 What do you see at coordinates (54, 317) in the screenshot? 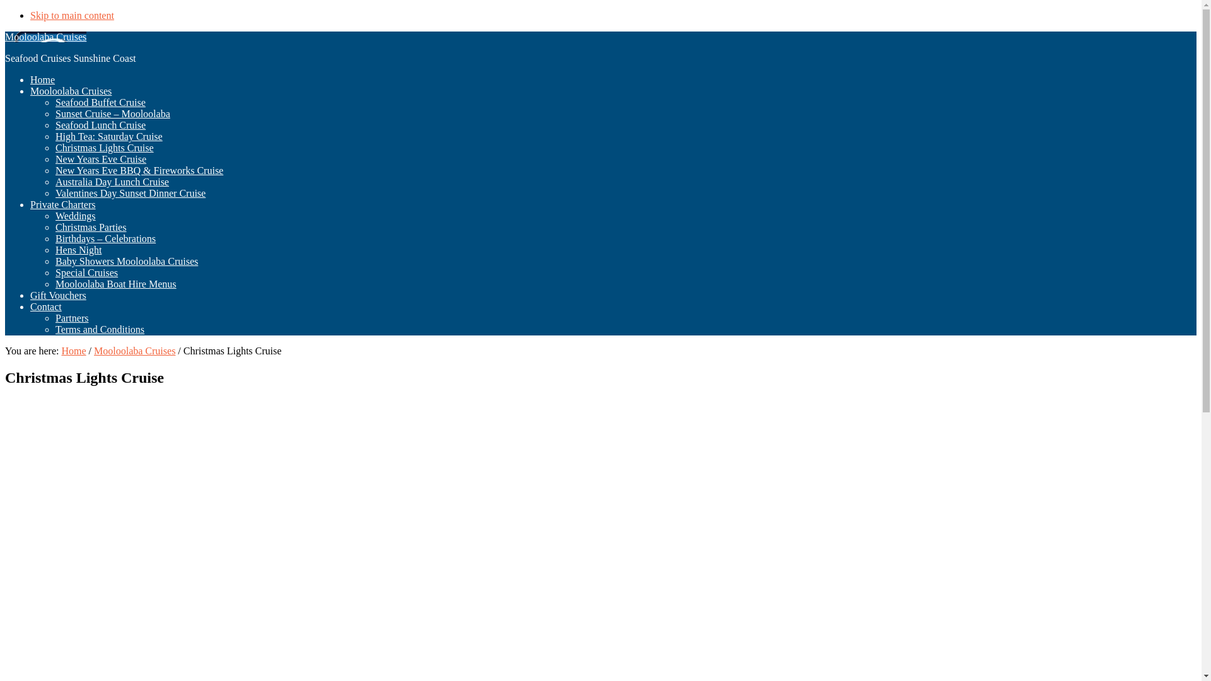
I see `'Partners'` at bounding box center [54, 317].